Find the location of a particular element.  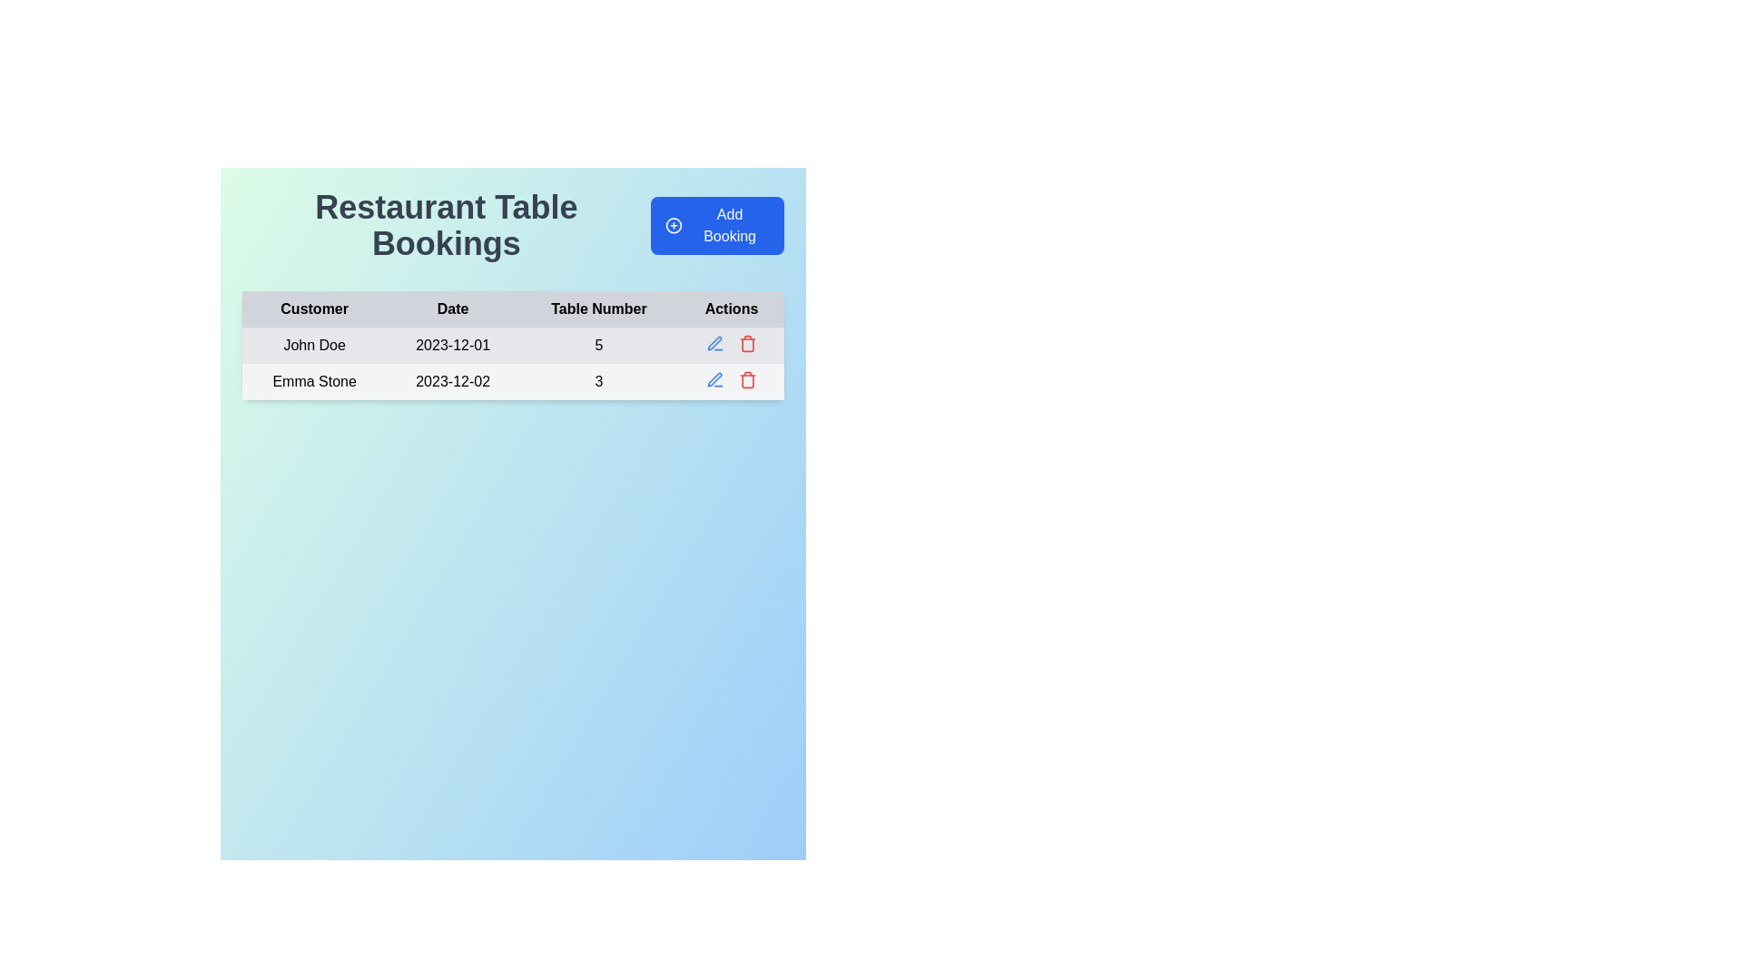

the trash bin icon representing the deletion action for the row labeled 'Emma Stone' in the 'Actions' column is located at coordinates (748, 345).